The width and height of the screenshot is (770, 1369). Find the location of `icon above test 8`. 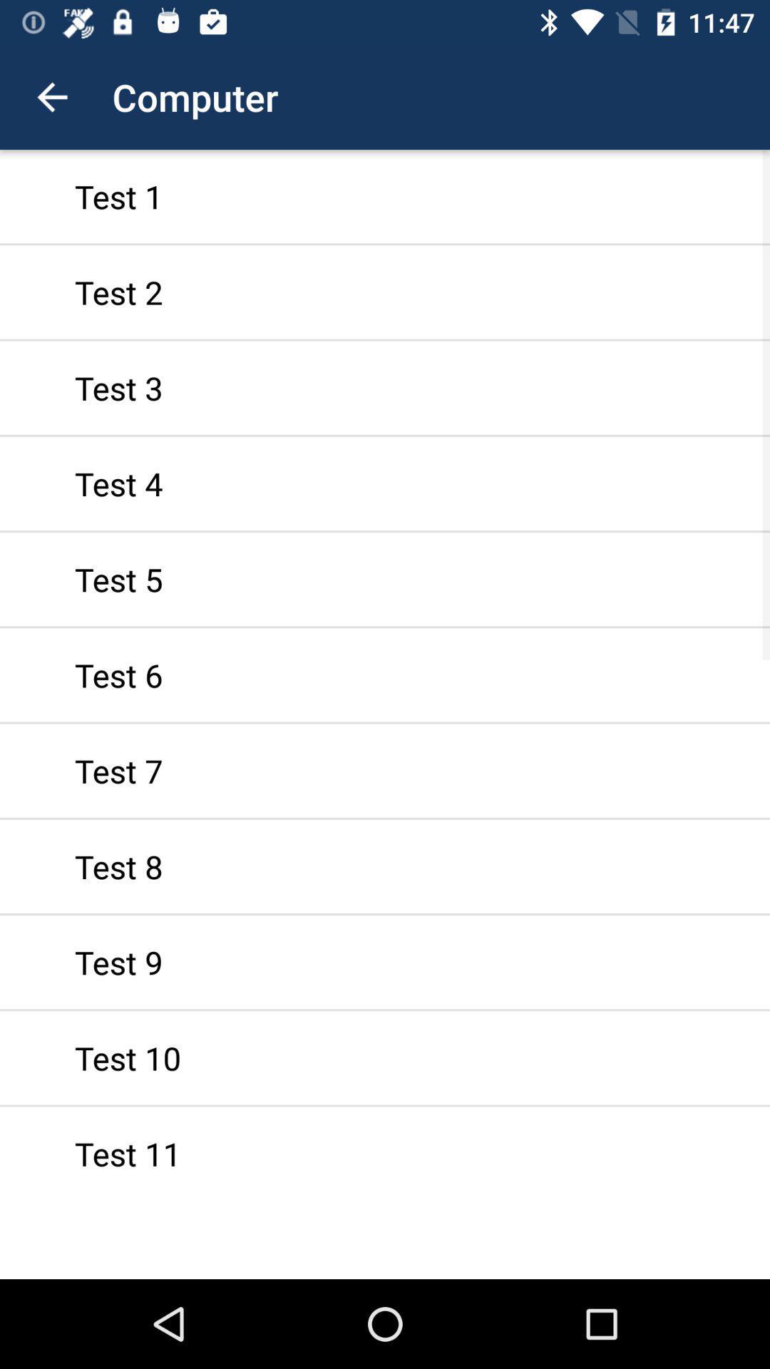

icon above test 8 is located at coordinates (385, 770).